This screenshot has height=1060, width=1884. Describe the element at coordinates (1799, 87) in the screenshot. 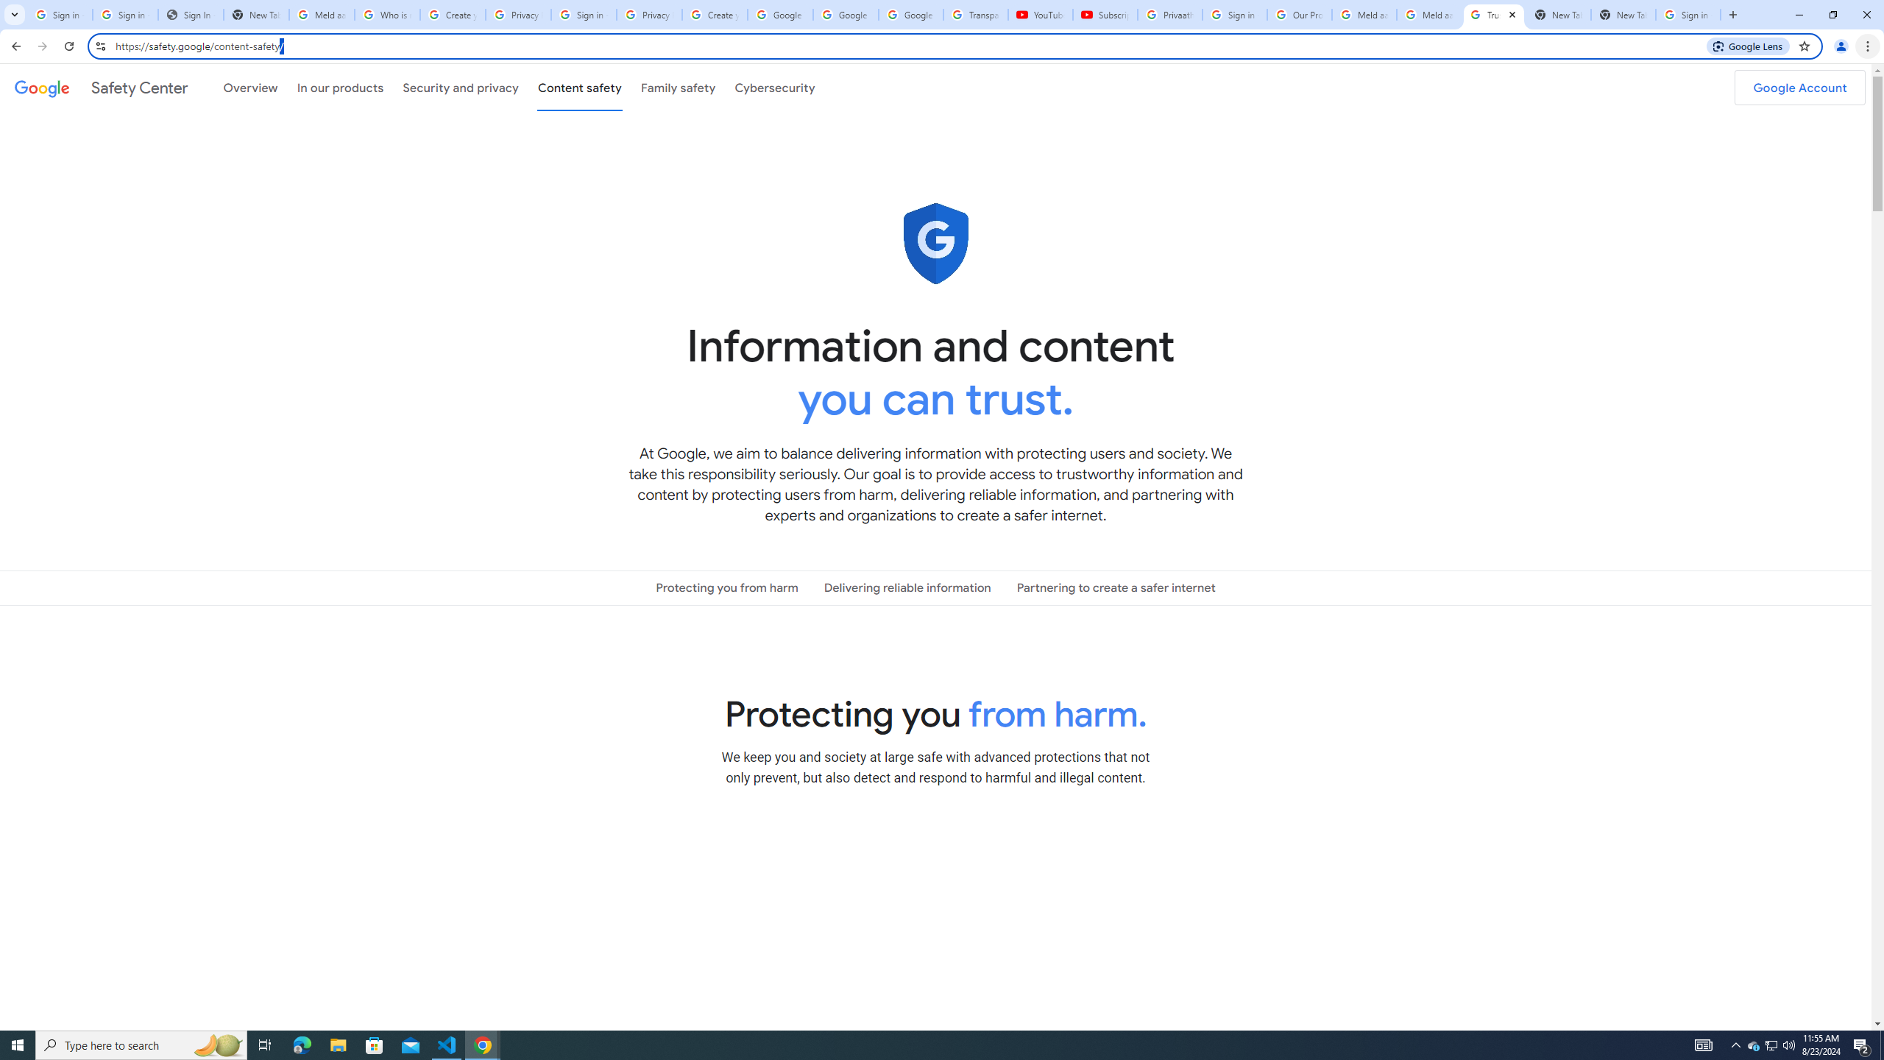

I see `'Google Account'` at that location.